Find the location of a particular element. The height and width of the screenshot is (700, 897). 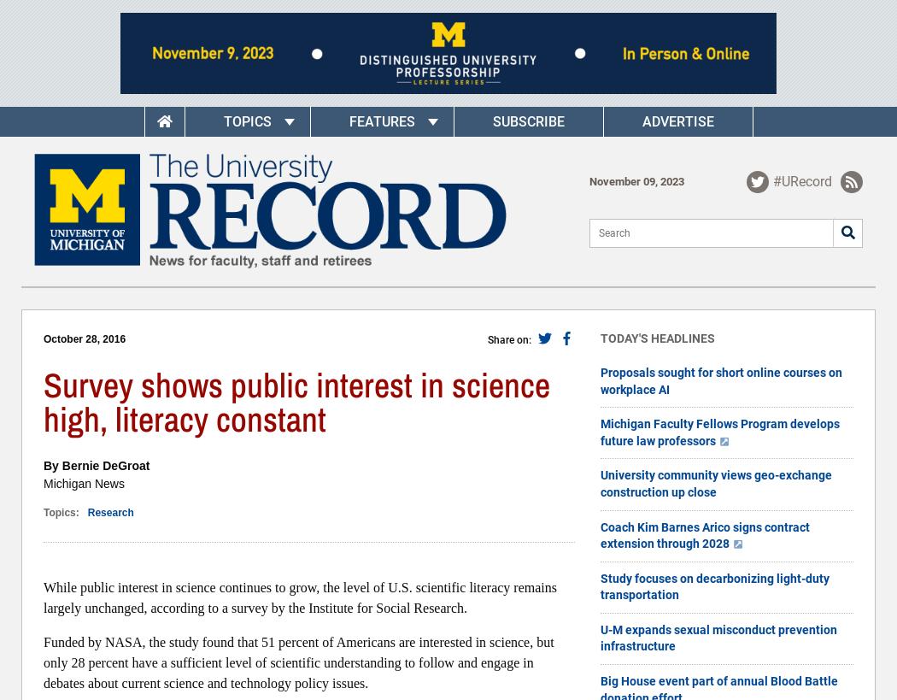

'By Bernie DeGroat' is located at coordinates (96, 465).